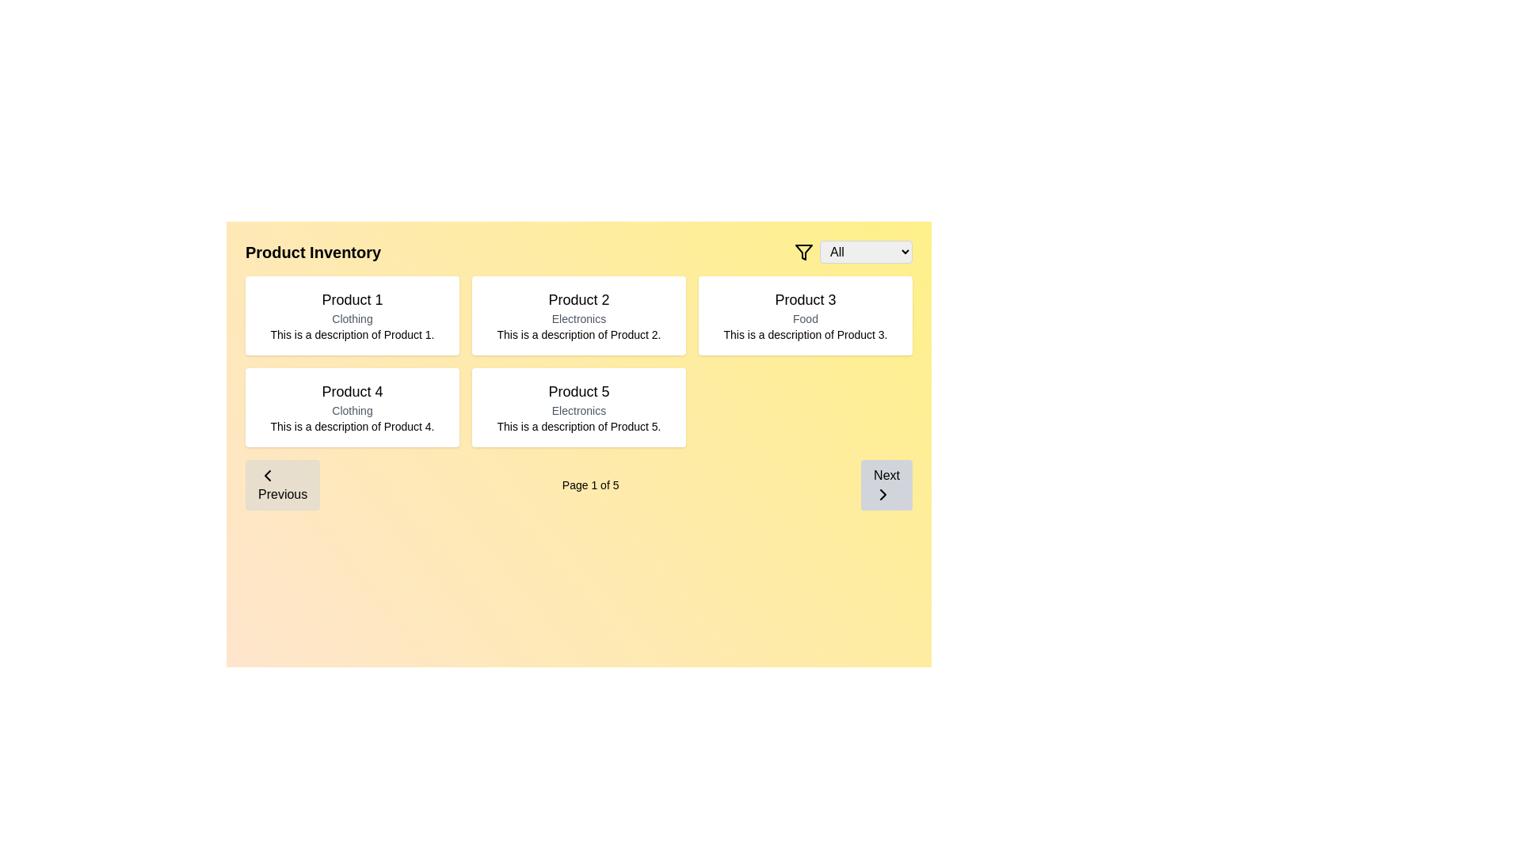  I want to click on the text block stating 'This is a description of Product 3.' which is positioned under the label 'Food' inside a rounded white box, so click(806, 334).